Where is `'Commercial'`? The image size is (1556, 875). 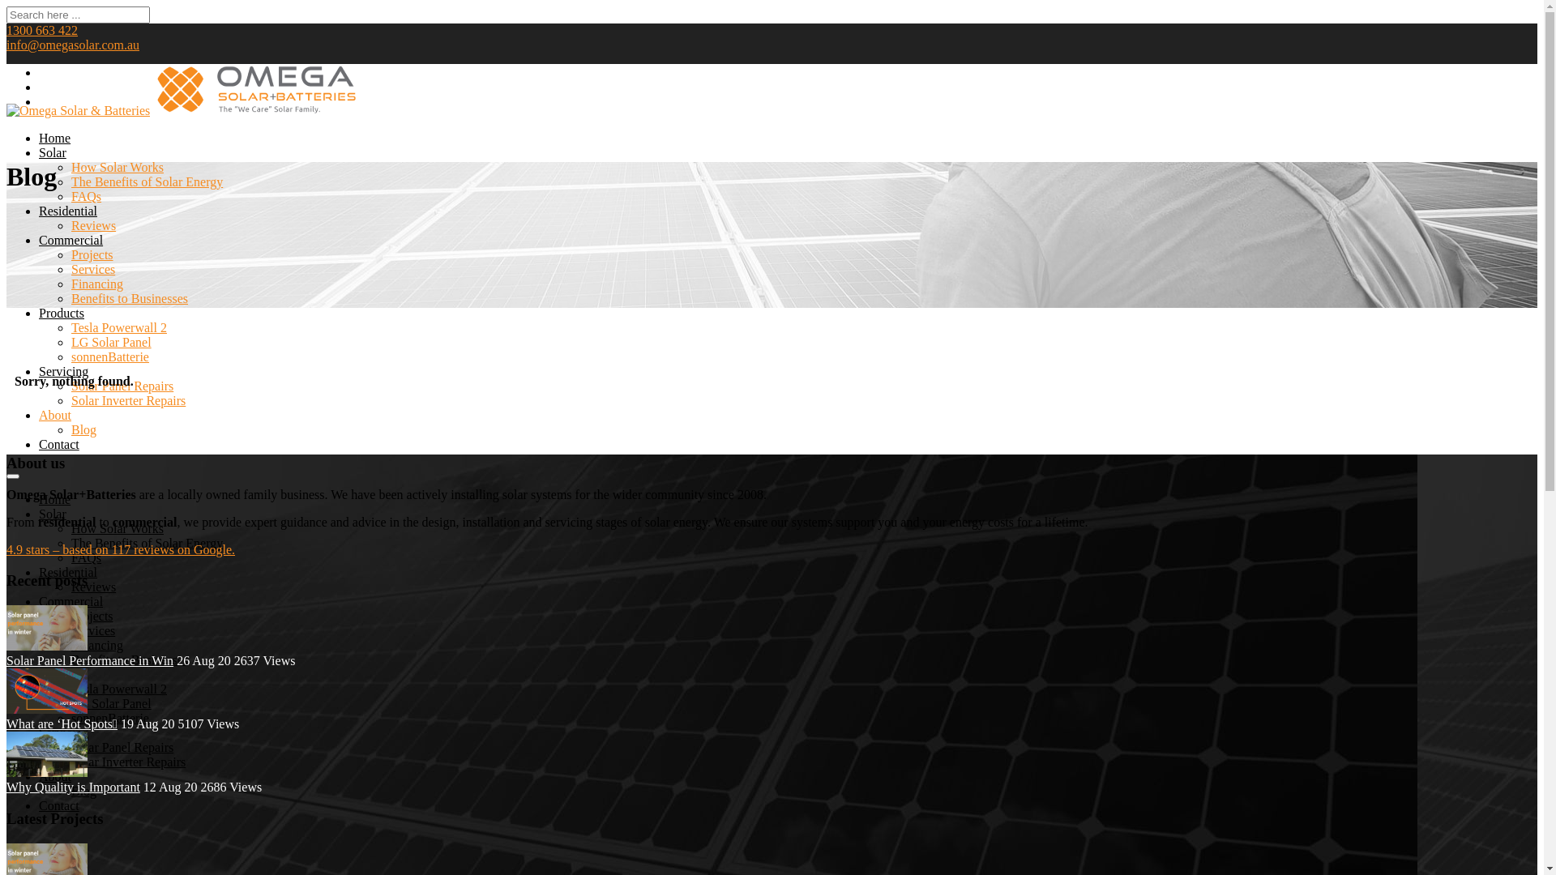
'Commercial' is located at coordinates (39, 240).